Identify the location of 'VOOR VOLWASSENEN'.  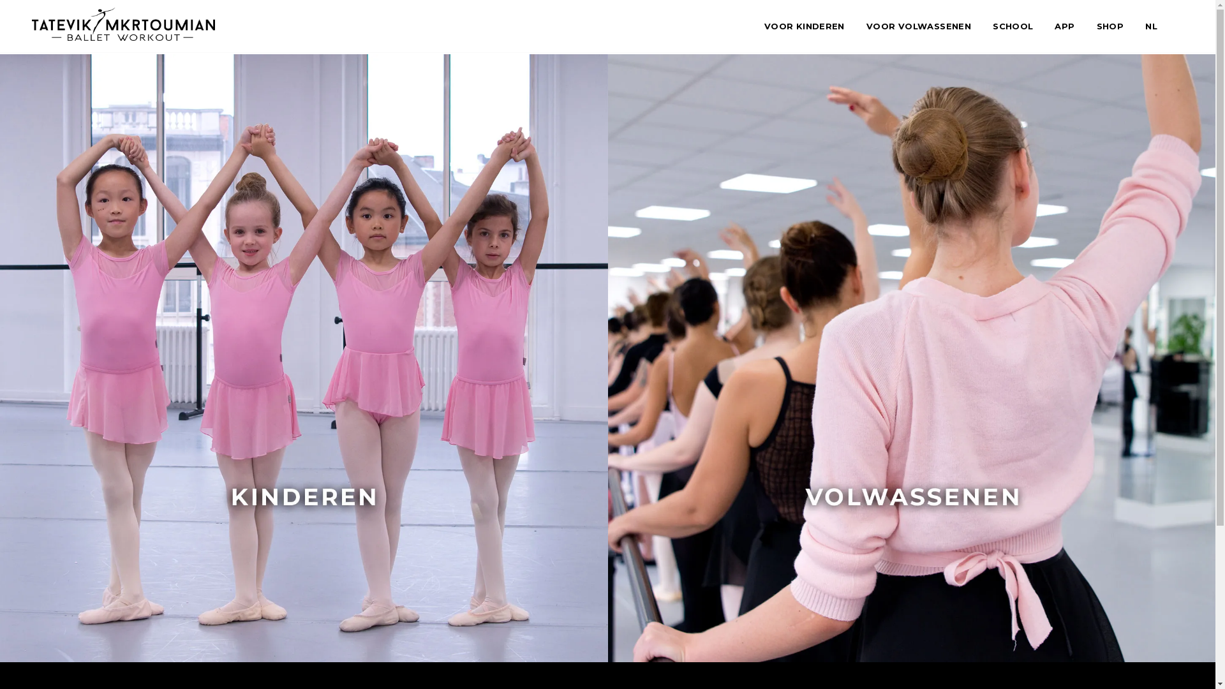
(919, 26).